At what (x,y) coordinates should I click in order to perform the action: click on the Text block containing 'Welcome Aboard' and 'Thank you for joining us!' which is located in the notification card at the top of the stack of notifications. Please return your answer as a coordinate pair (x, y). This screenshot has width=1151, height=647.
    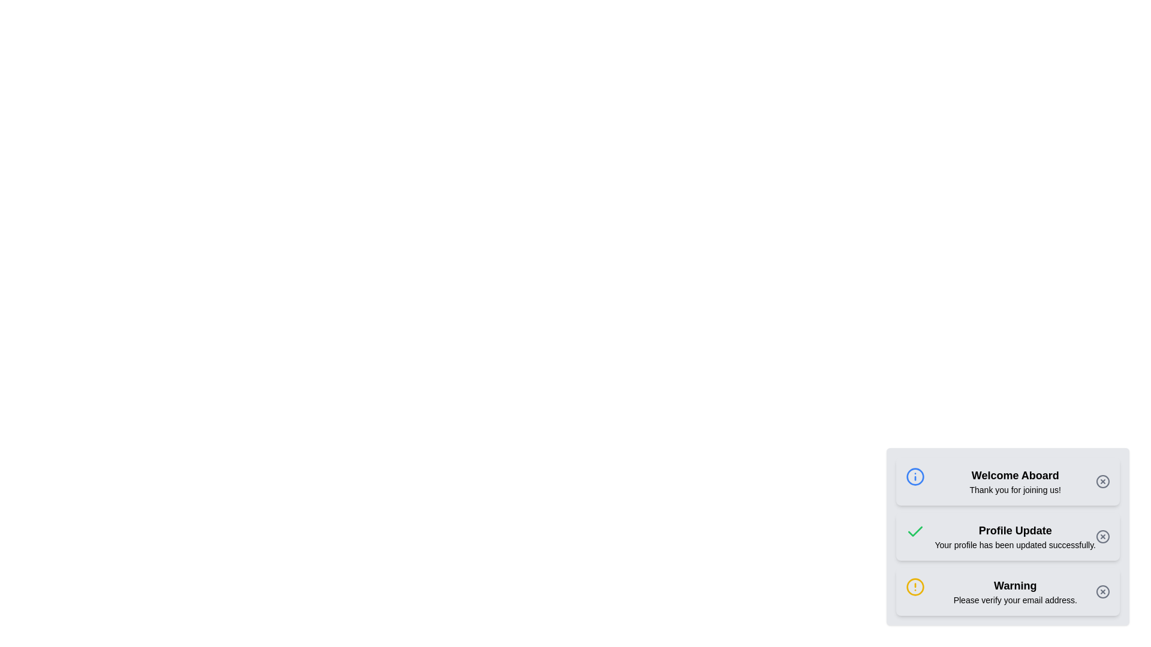
    Looking at the image, I should click on (1014, 480).